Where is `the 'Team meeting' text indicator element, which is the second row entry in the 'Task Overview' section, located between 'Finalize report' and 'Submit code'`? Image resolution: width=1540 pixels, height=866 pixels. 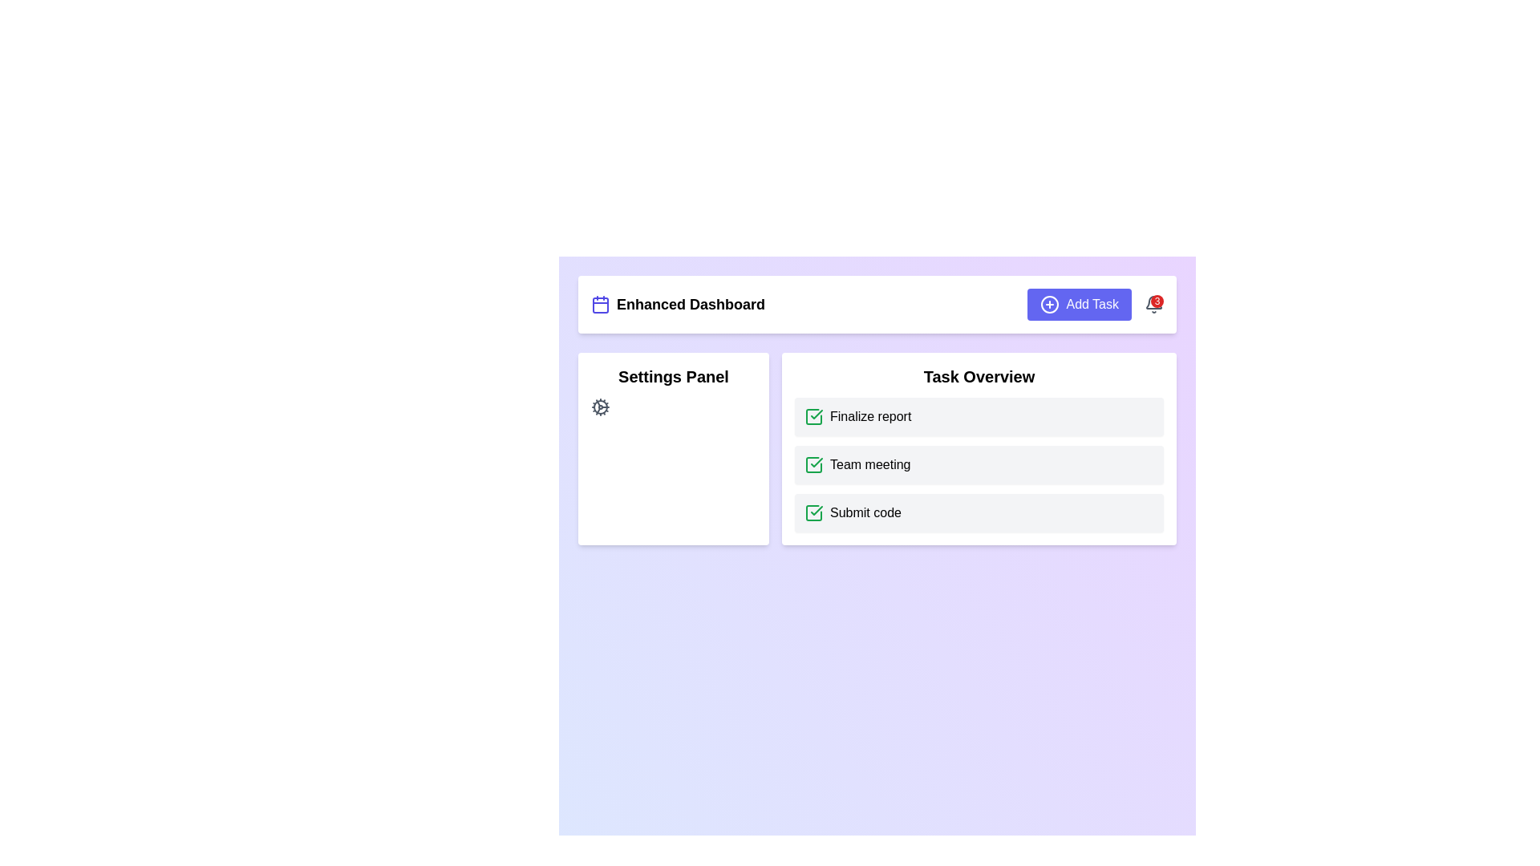 the 'Team meeting' text indicator element, which is the second row entry in the 'Task Overview' section, located between 'Finalize report' and 'Submit code' is located at coordinates (869, 464).